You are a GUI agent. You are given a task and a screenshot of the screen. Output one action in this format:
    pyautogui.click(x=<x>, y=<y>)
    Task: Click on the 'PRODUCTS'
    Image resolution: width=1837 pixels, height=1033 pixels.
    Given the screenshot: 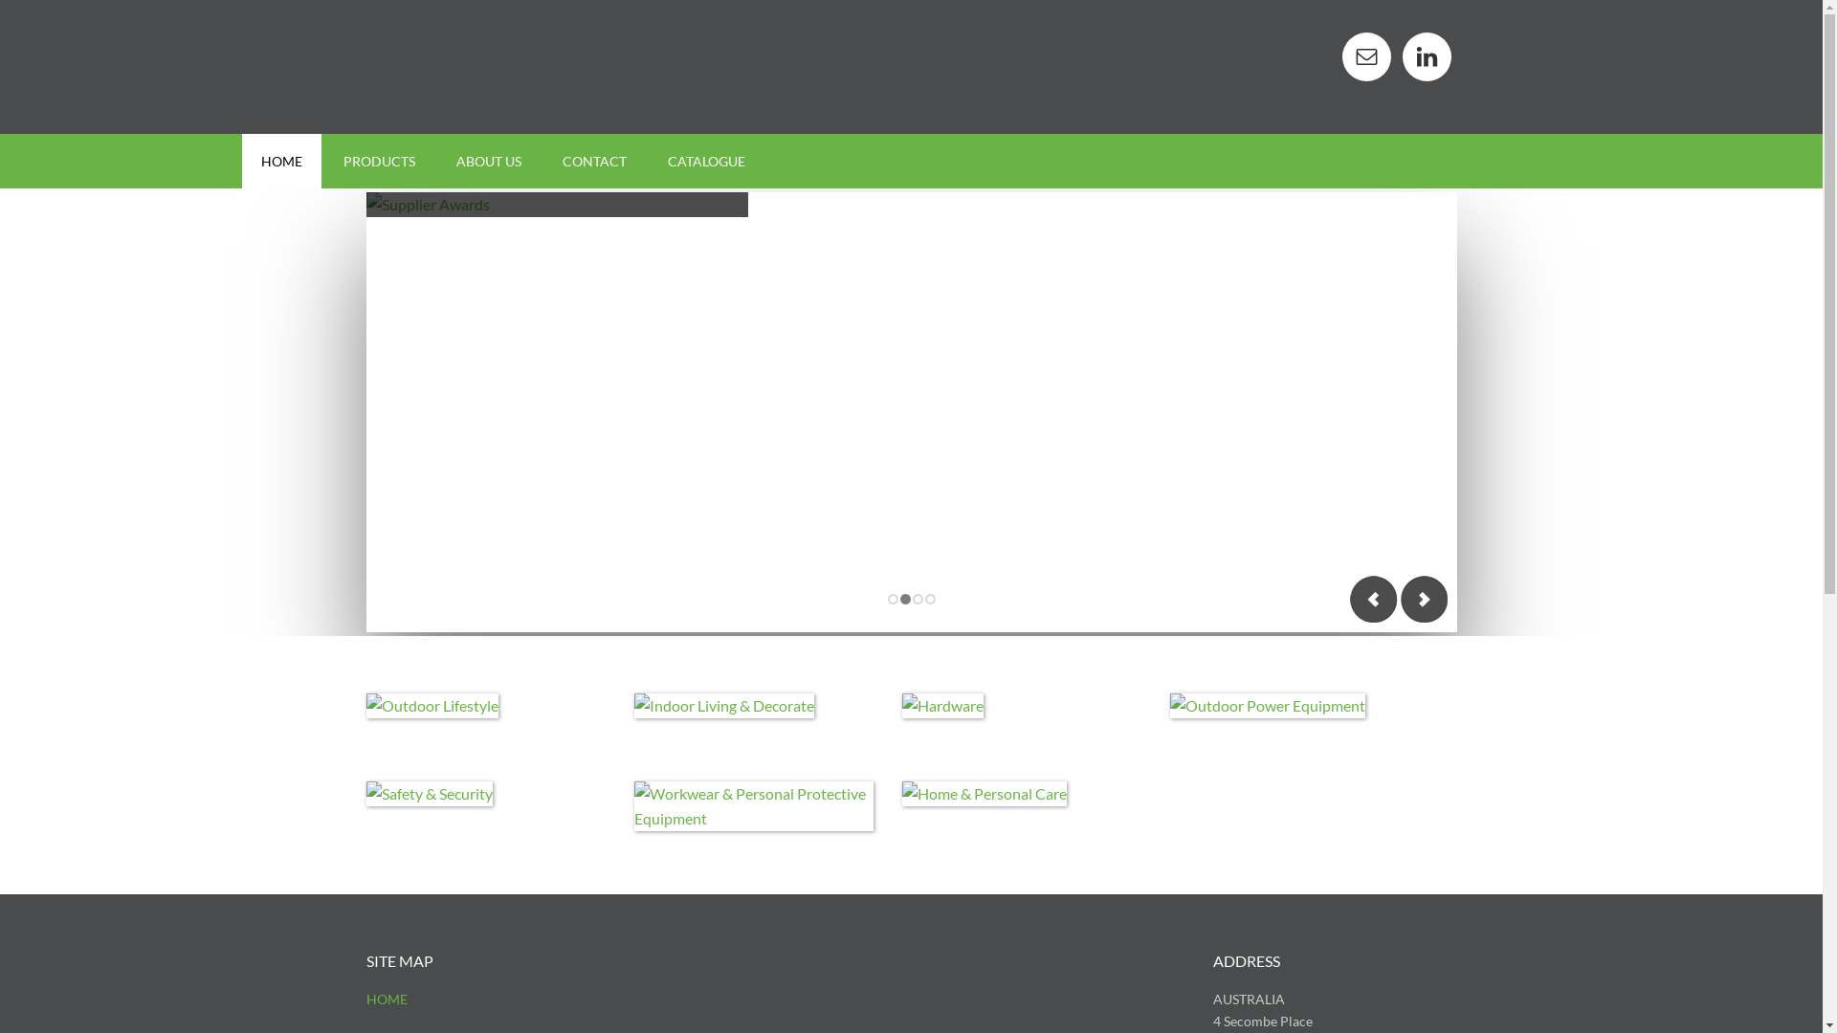 What is the action you would take?
    pyautogui.click(x=378, y=160)
    